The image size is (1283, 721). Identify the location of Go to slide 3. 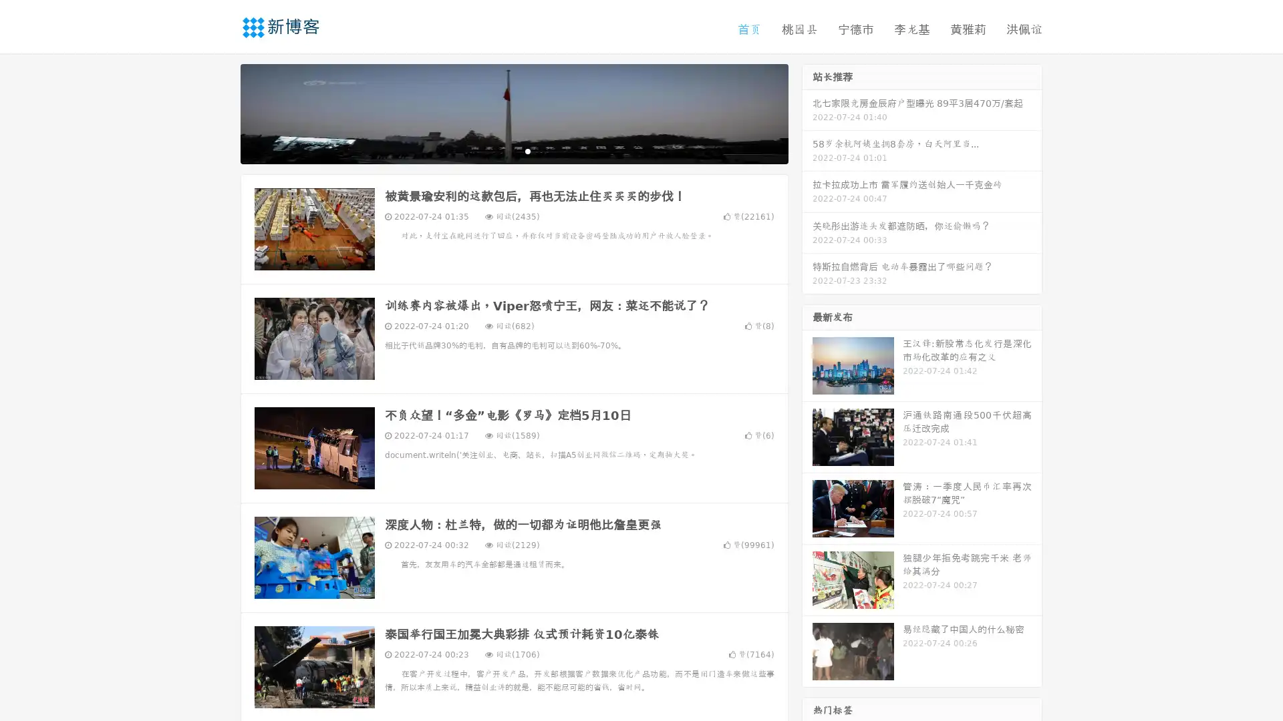
(527, 150).